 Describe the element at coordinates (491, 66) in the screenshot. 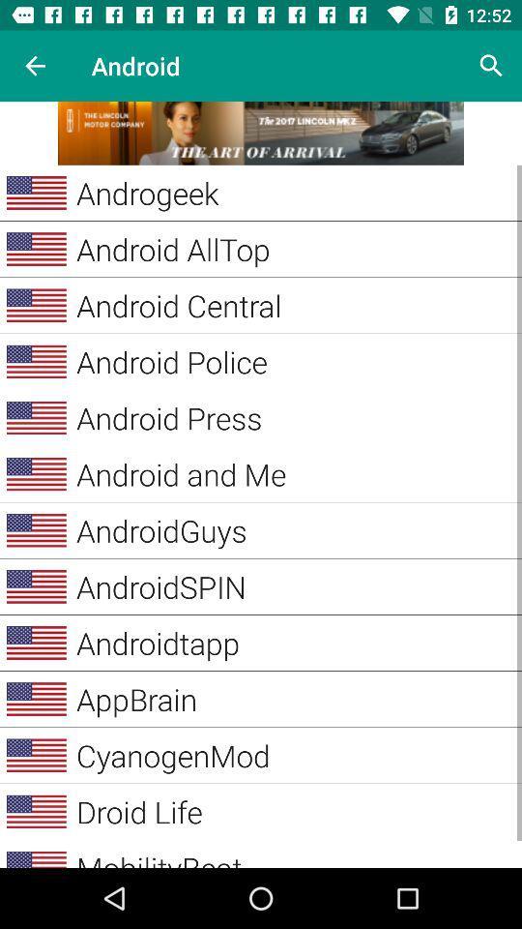

I see `search bar` at that location.